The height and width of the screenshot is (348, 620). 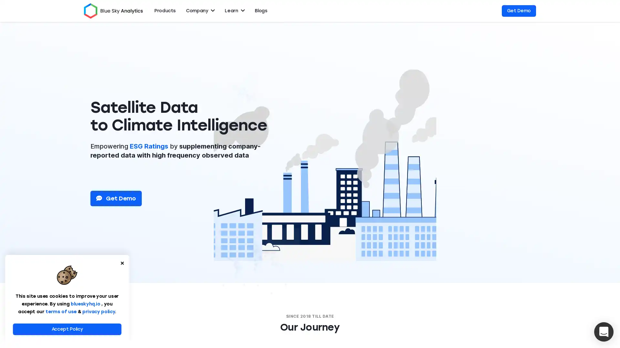 I want to click on Get Demo, so click(x=519, y=11).